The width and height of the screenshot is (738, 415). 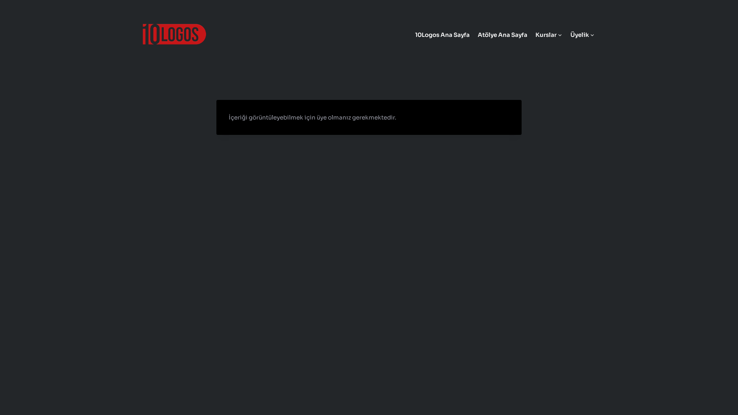 What do you see at coordinates (442, 35) in the screenshot?
I see `'10Logos Ana Sayfa'` at bounding box center [442, 35].